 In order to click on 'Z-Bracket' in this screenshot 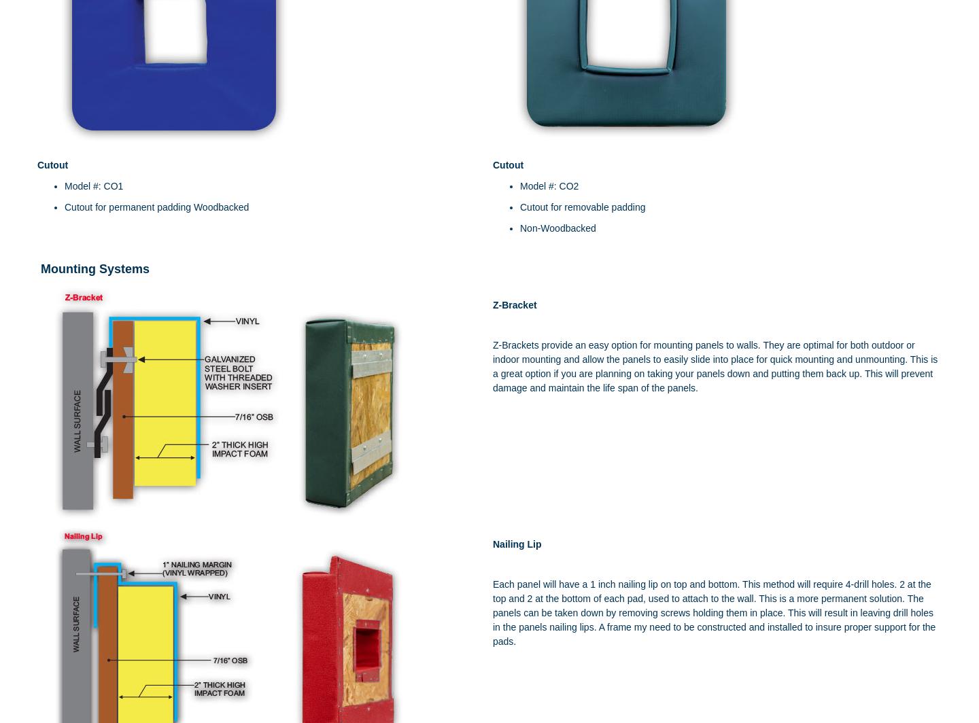, I will do `click(492, 304)`.